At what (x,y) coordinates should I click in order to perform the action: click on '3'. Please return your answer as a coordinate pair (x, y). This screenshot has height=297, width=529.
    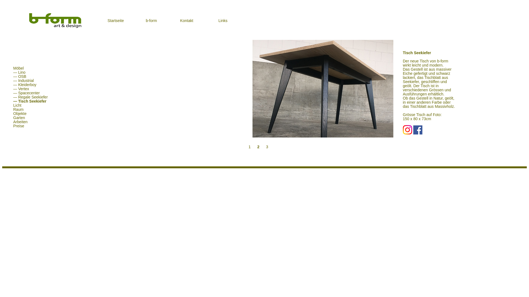
    Looking at the image, I should click on (264, 146).